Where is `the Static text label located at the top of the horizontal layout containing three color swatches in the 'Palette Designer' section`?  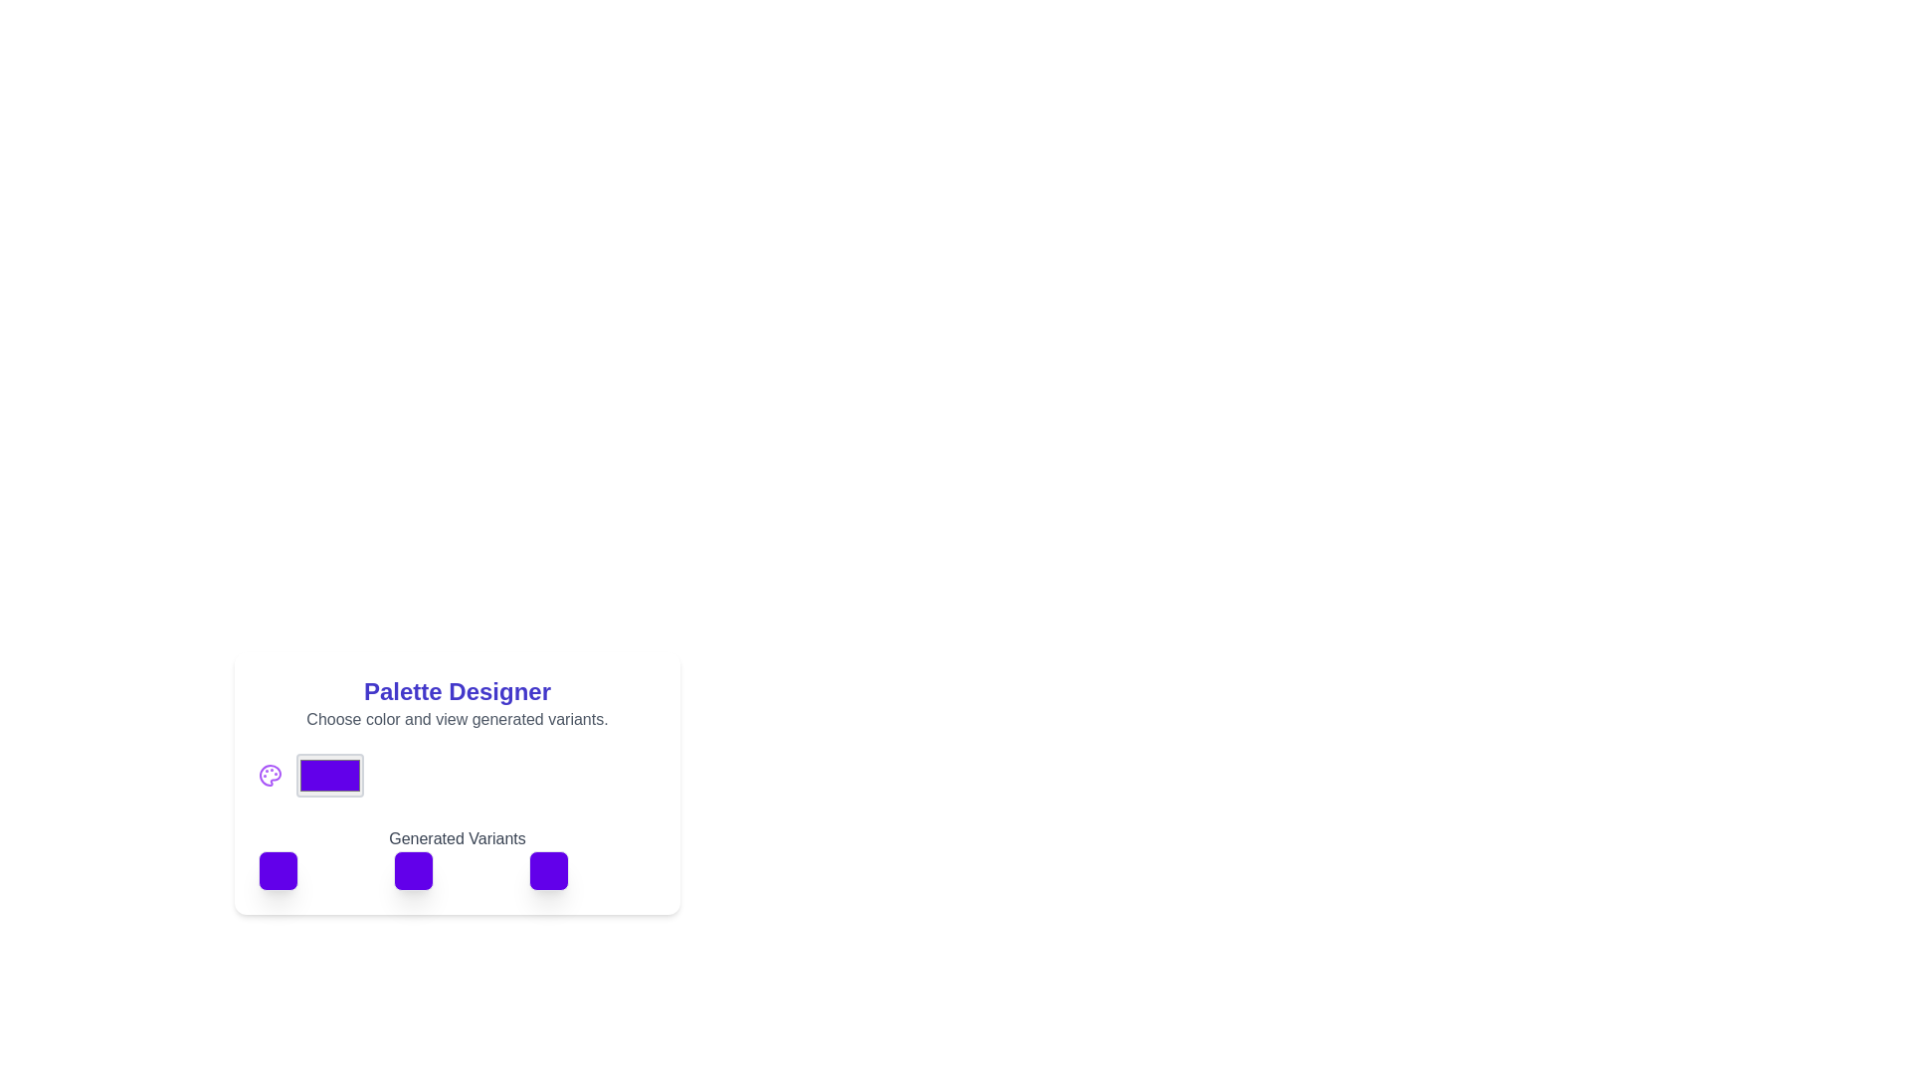 the Static text label located at the top of the horizontal layout containing three color swatches in the 'Palette Designer' section is located at coordinates (457, 850).